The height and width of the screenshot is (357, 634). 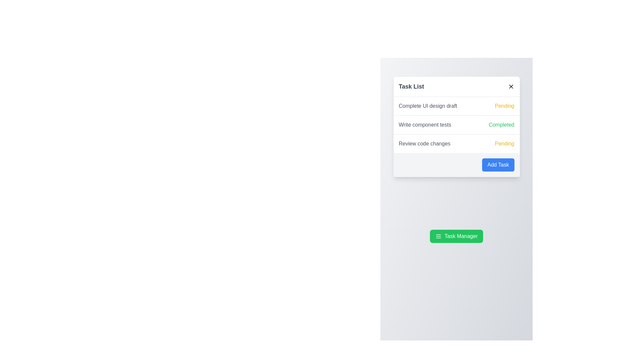 I want to click on the close button (a small 'X' icon) located at the top-right corner of the 'Task List' header, so click(x=511, y=86).